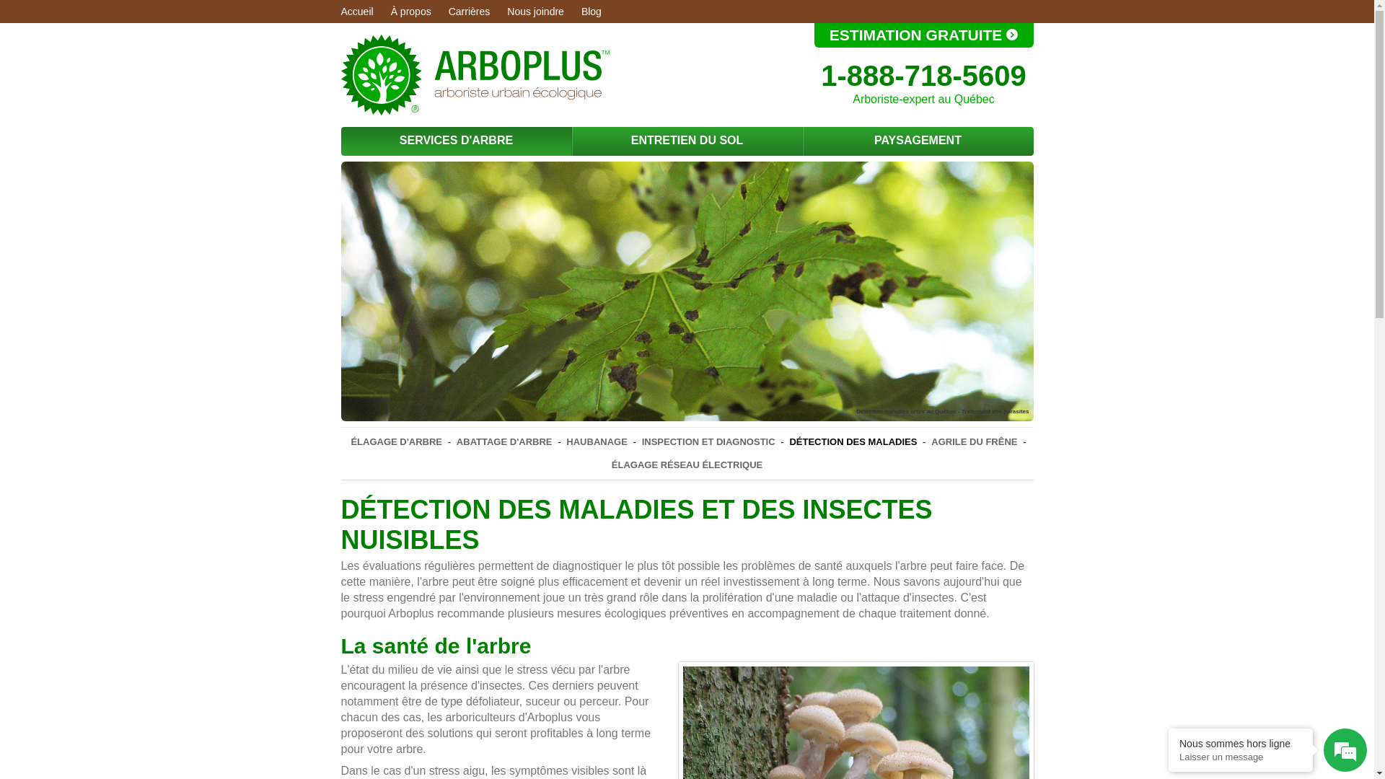 This screenshot has height=779, width=1385. I want to click on 'Nous joindre', so click(506, 11).